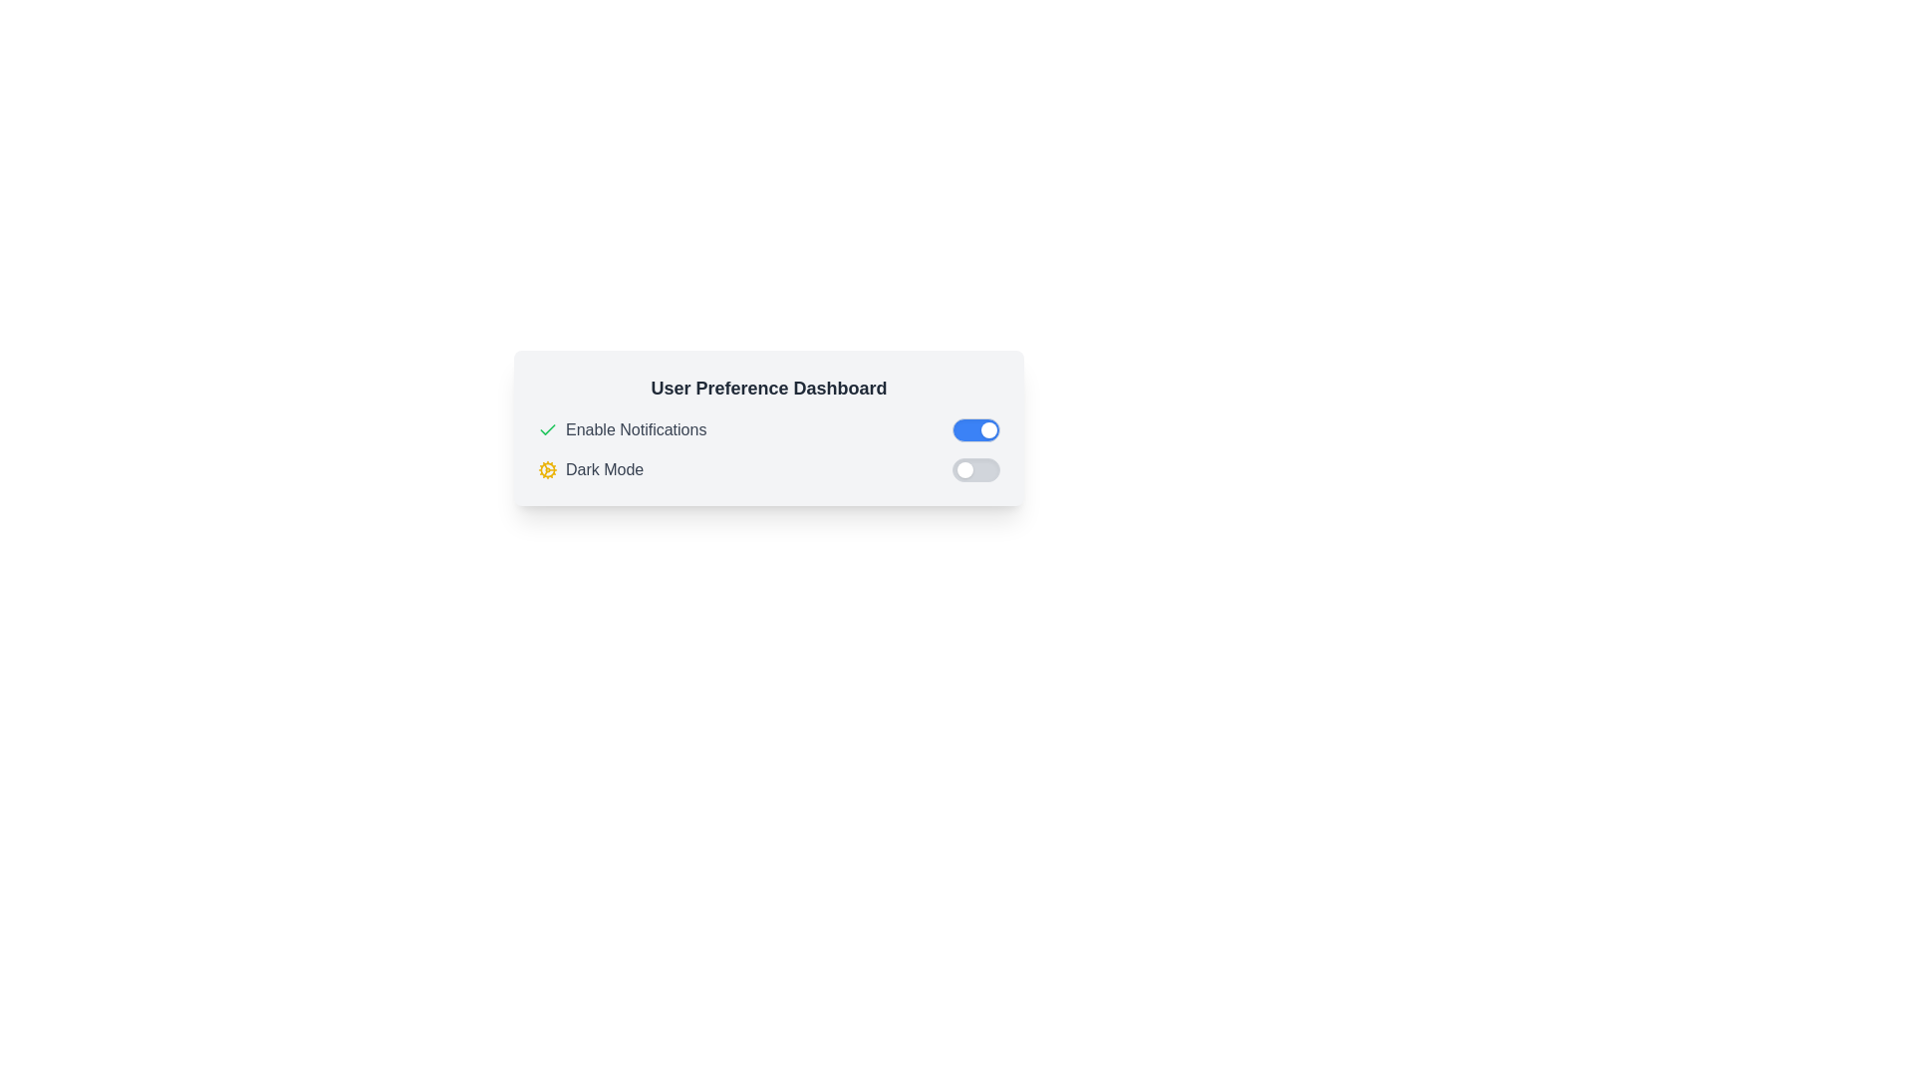 This screenshot has height=1076, width=1913. What do you see at coordinates (768, 449) in the screenshot?
I see `the 'Dark Mode' toggle switch located in the Settings toggle group within the User Preference Dashboard card` at bounding box center [768, 449].